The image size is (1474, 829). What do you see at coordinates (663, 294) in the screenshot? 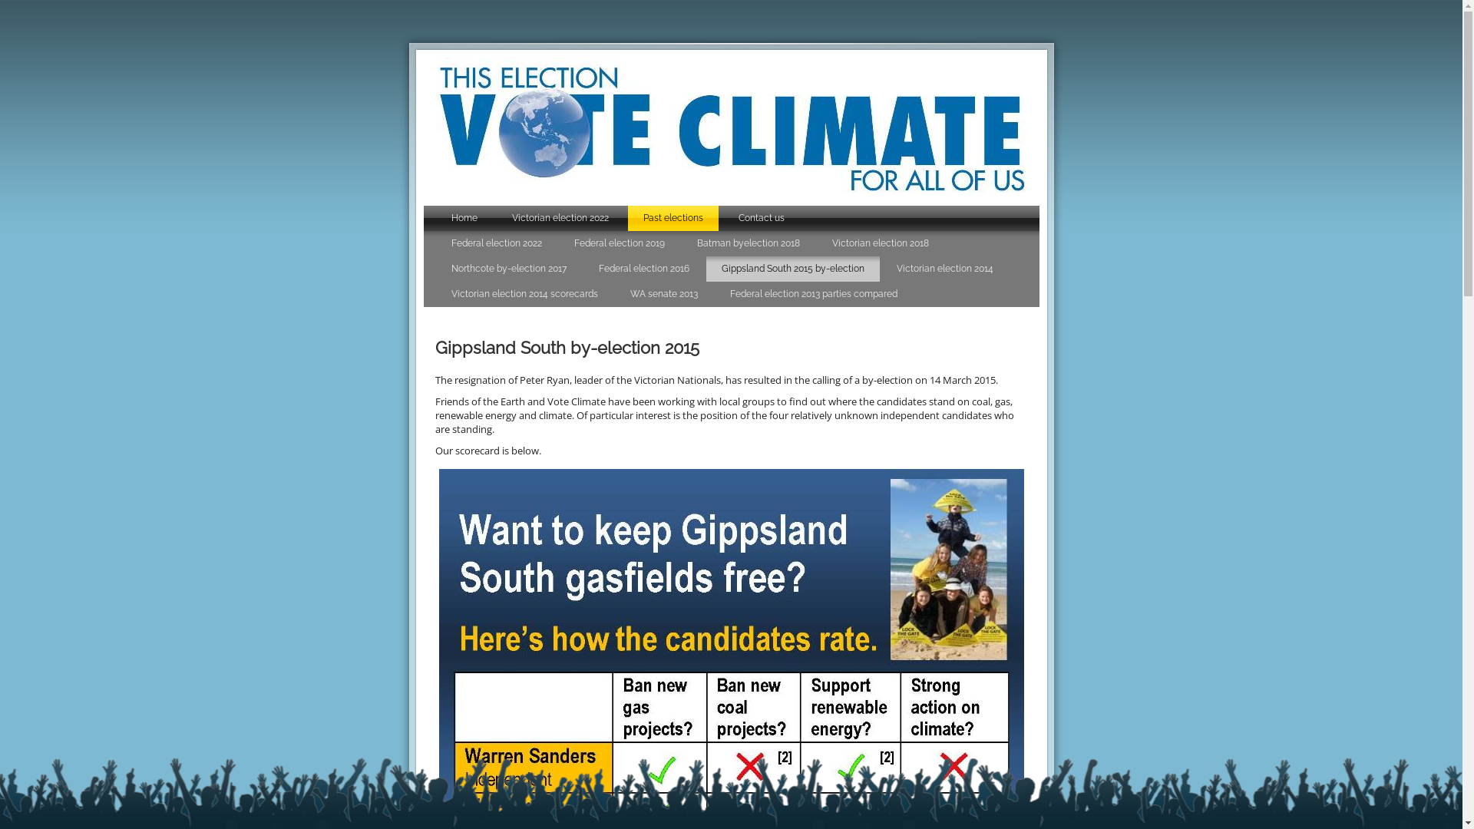
I see `'WA senate 2013'` at bounding box center [663, 294].